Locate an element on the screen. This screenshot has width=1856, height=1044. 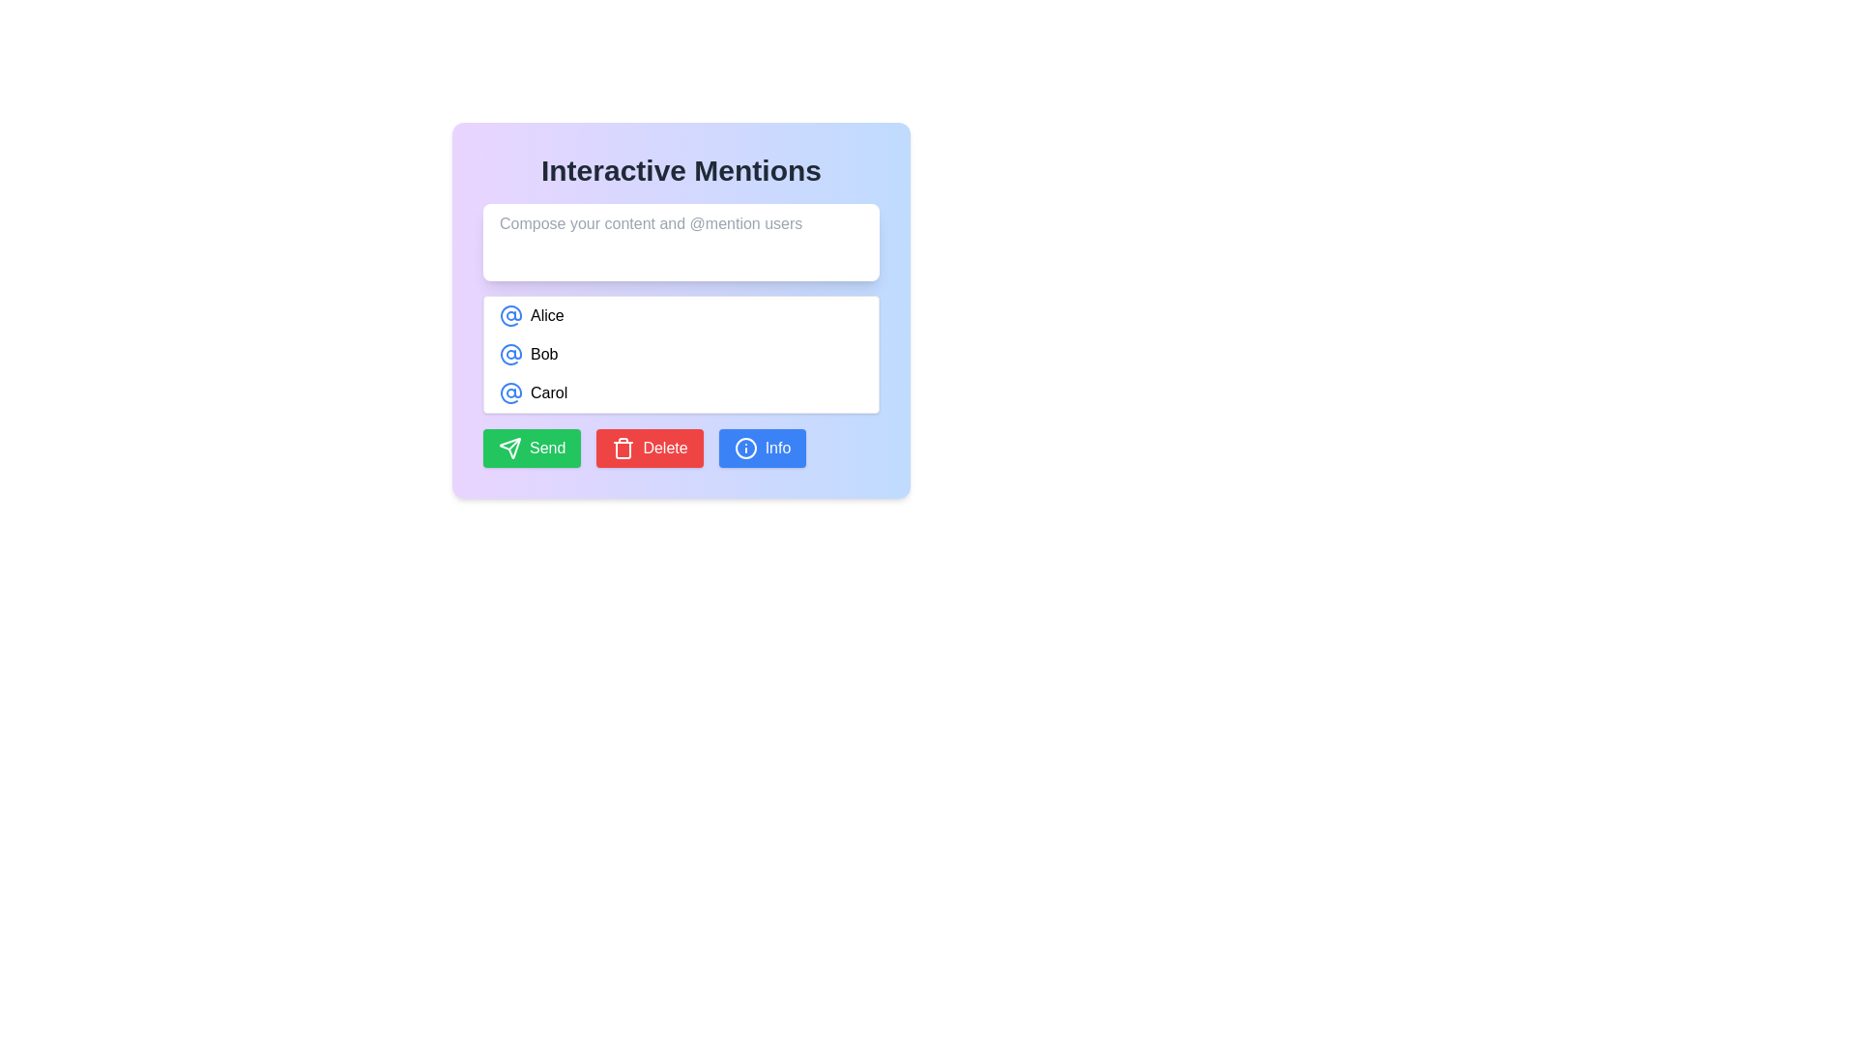
the send icon located on the left side of the green 'Send' button at the bottom of a card with a purple and white theme is located at coordinates (510, 448).